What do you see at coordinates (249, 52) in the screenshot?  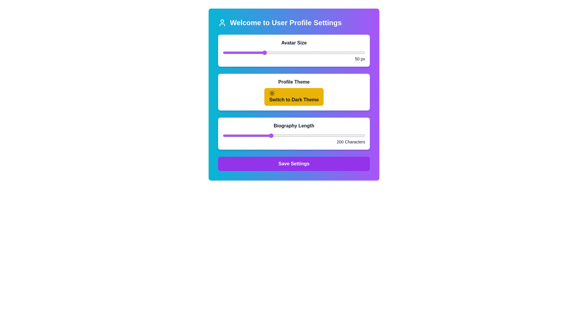 I see `the slider` at bounding box center [249, 52].